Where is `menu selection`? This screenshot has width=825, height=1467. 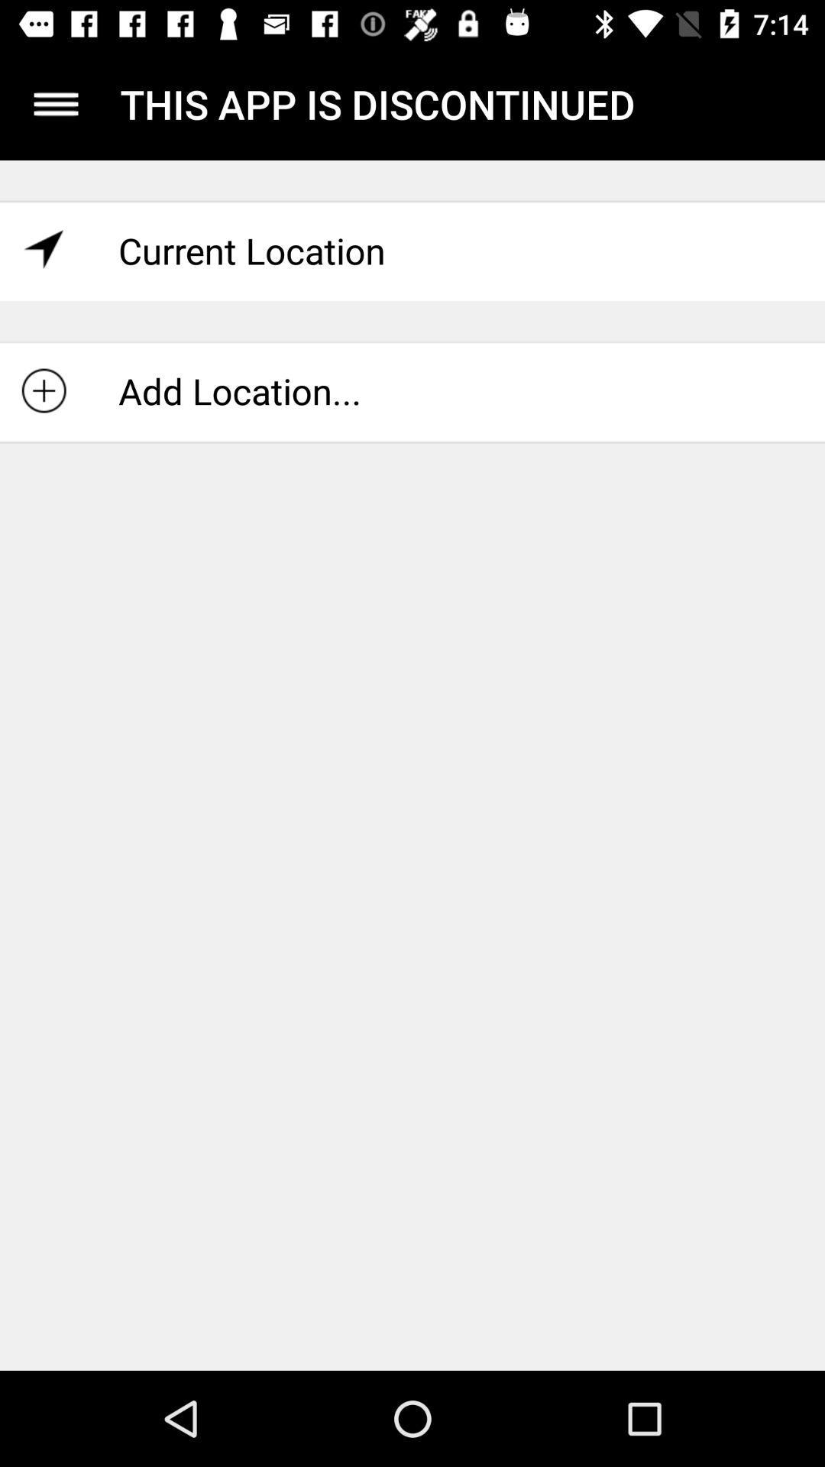 menu selection is located at coordinates (55, 103).